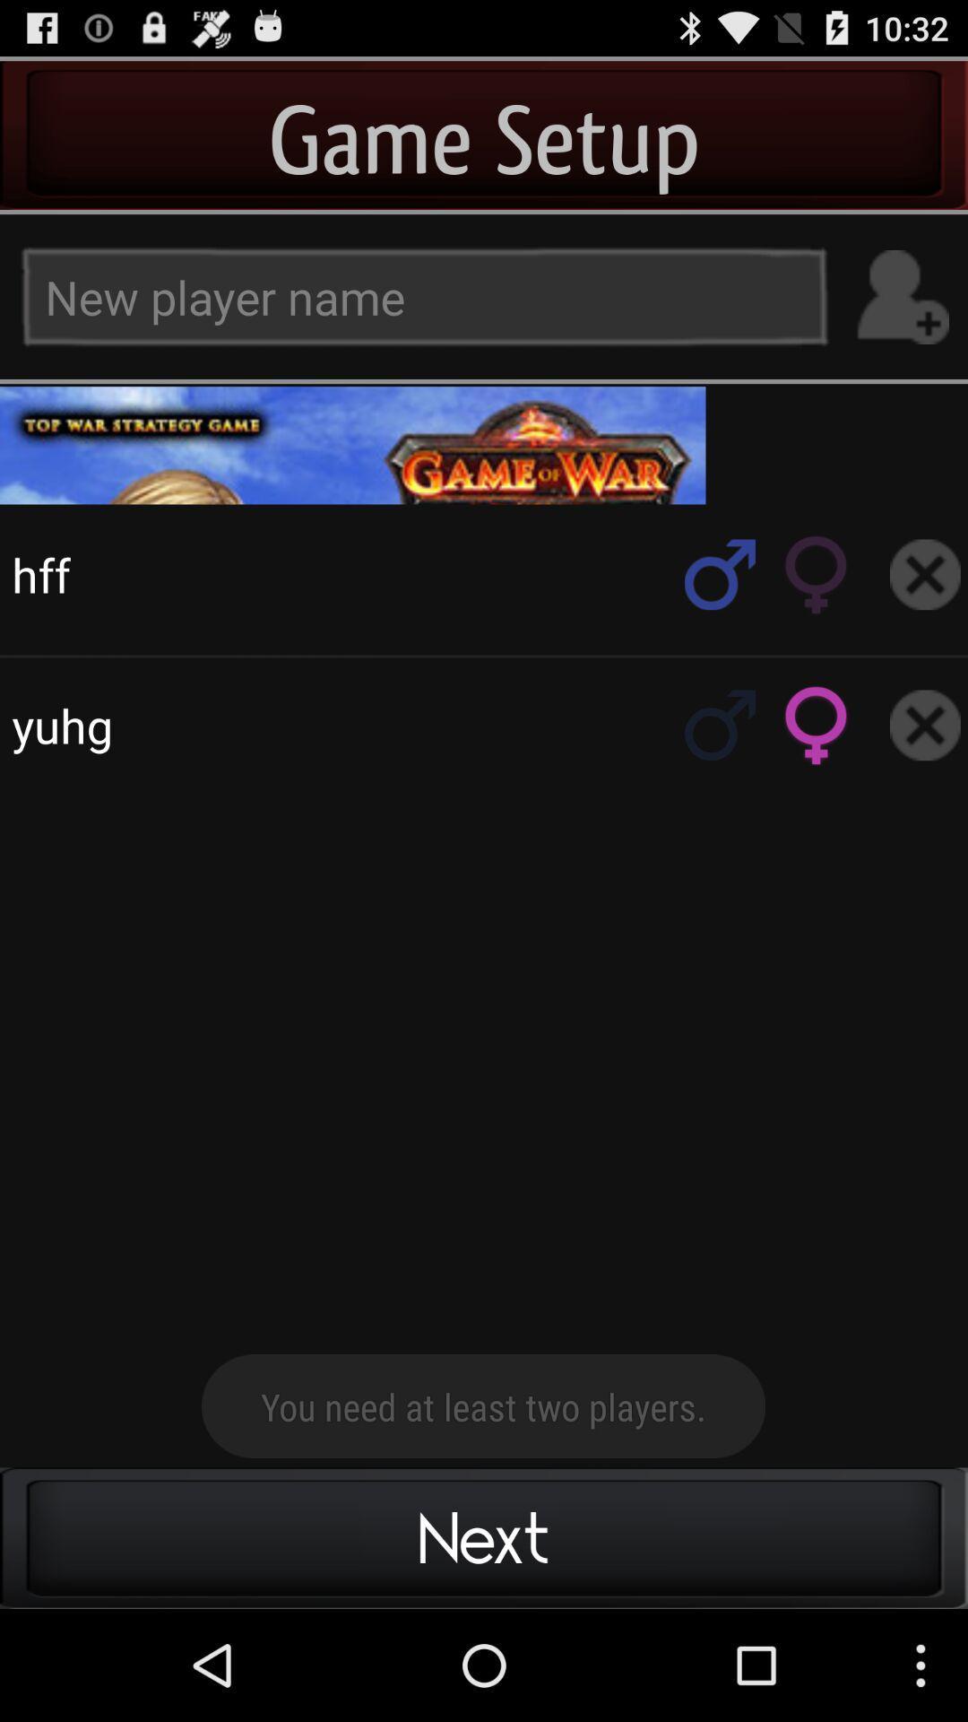 This screenshot has width=968, height=1722. Describe the element at coordinates (925, 725) in the screenshot. I see `unselect an item` at that location.